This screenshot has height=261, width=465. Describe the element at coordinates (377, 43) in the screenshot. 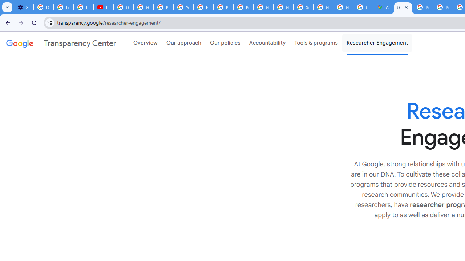

I see `'Researcher Engagement'` at that location.